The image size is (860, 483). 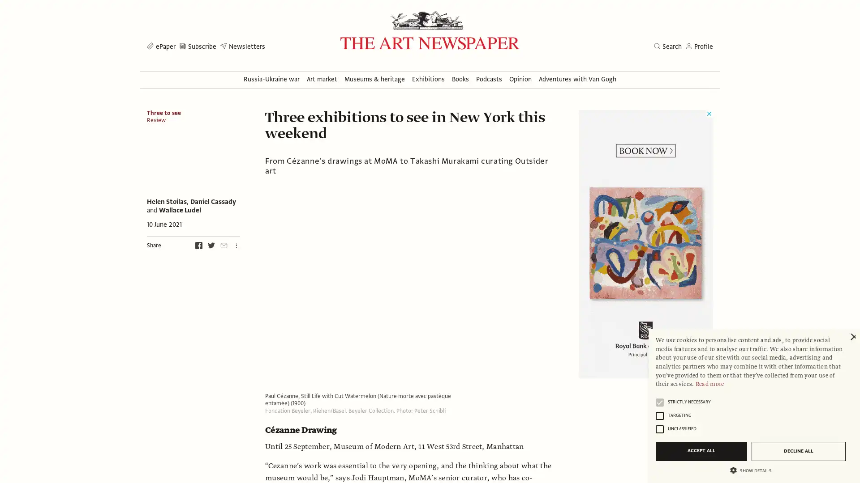 I want to click on Close, so click(x=851, y=337).